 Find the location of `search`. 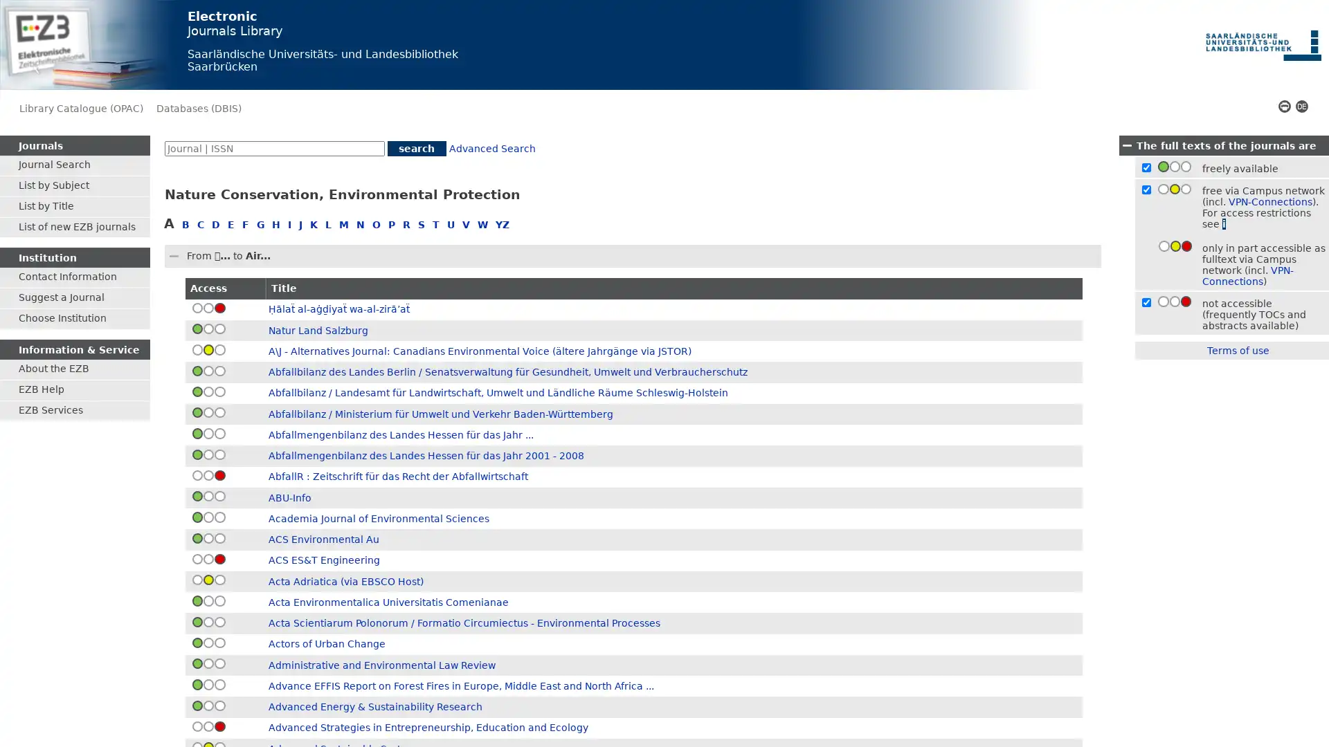

search is located at coordinates (415, 149).